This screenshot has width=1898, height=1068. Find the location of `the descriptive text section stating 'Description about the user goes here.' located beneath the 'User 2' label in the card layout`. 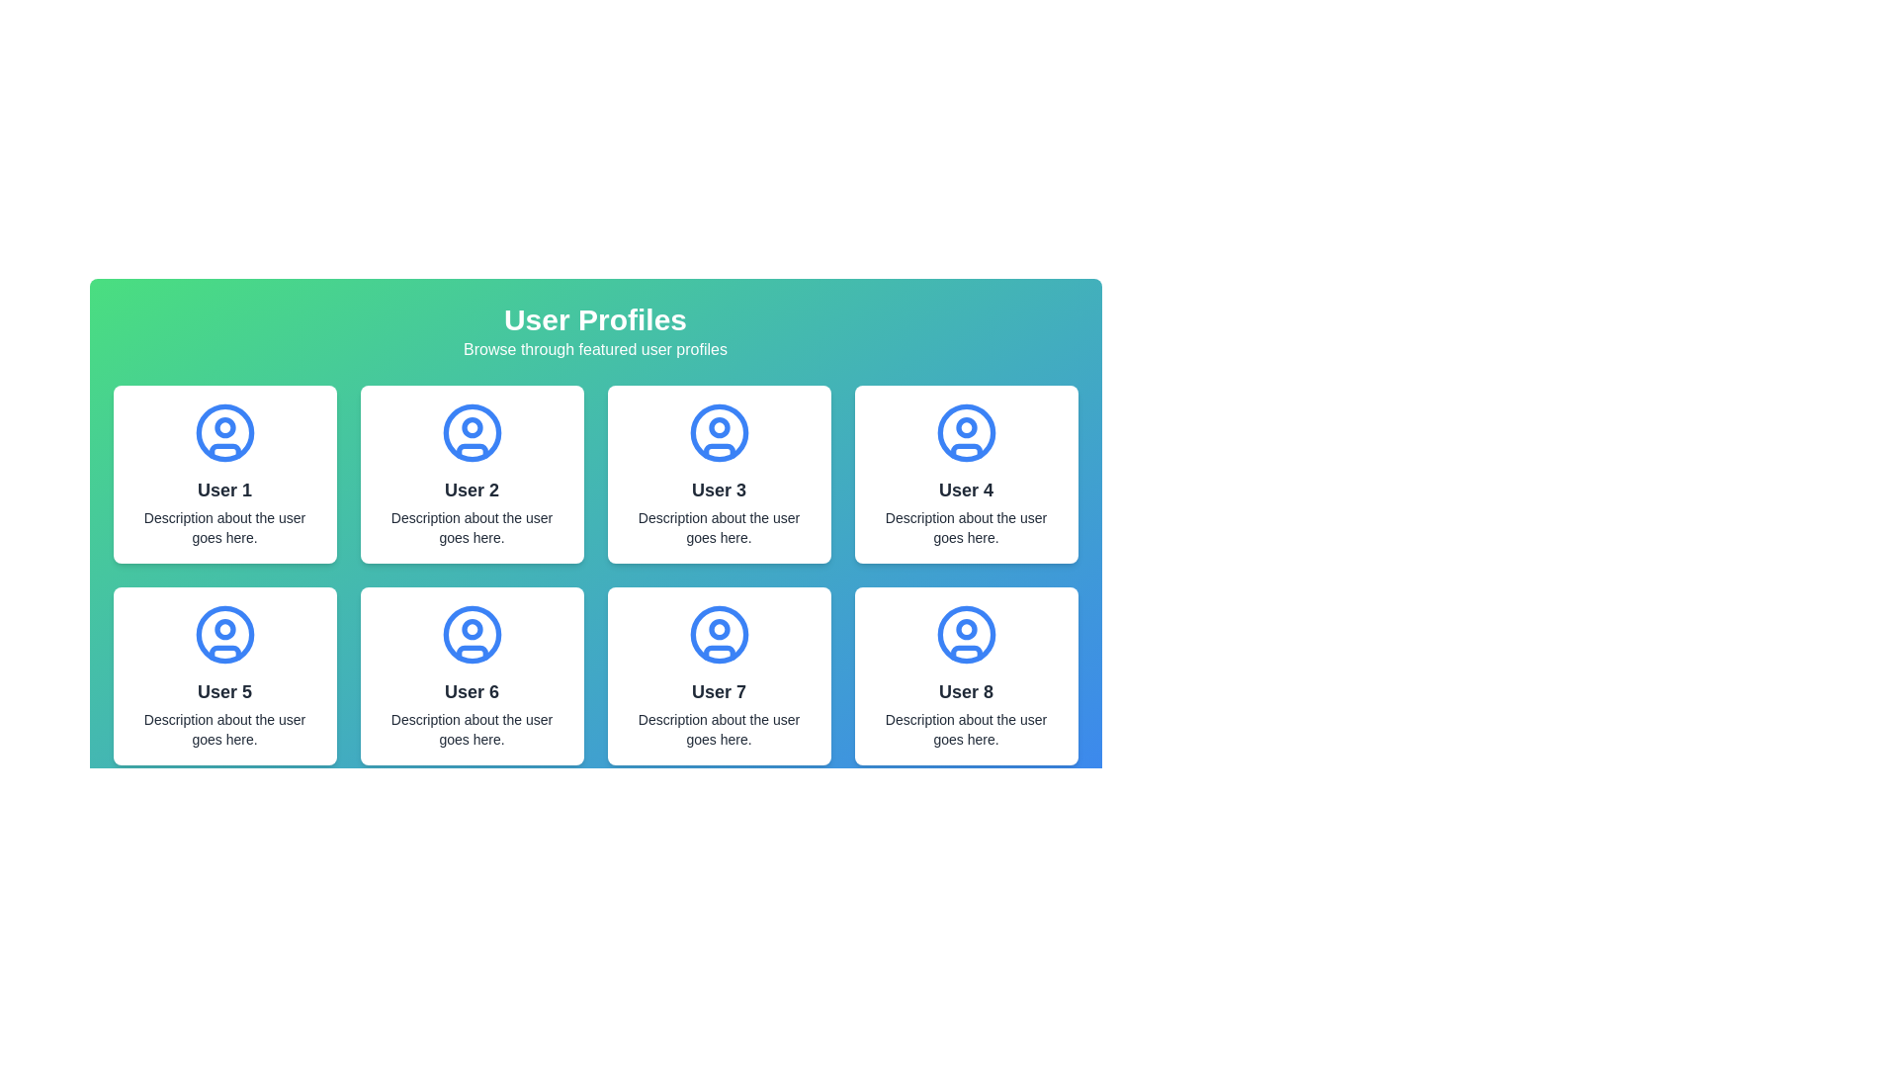

the descriptive text section stating 'Description about the user goes here.' located beneath the 'User 2' label in the card layout is located at coordinates (471, 526).